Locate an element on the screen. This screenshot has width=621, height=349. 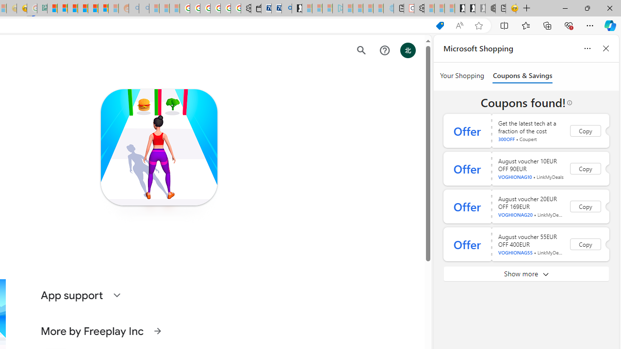
'Copilot (Ctrl+Shift+.)' is located at coordinates (610, 25).